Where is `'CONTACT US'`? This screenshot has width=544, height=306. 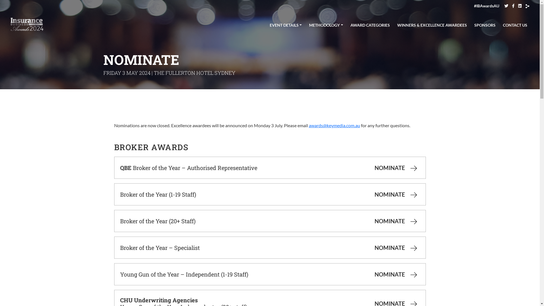 'CONTACT US' is located at coordinates (515, 24).